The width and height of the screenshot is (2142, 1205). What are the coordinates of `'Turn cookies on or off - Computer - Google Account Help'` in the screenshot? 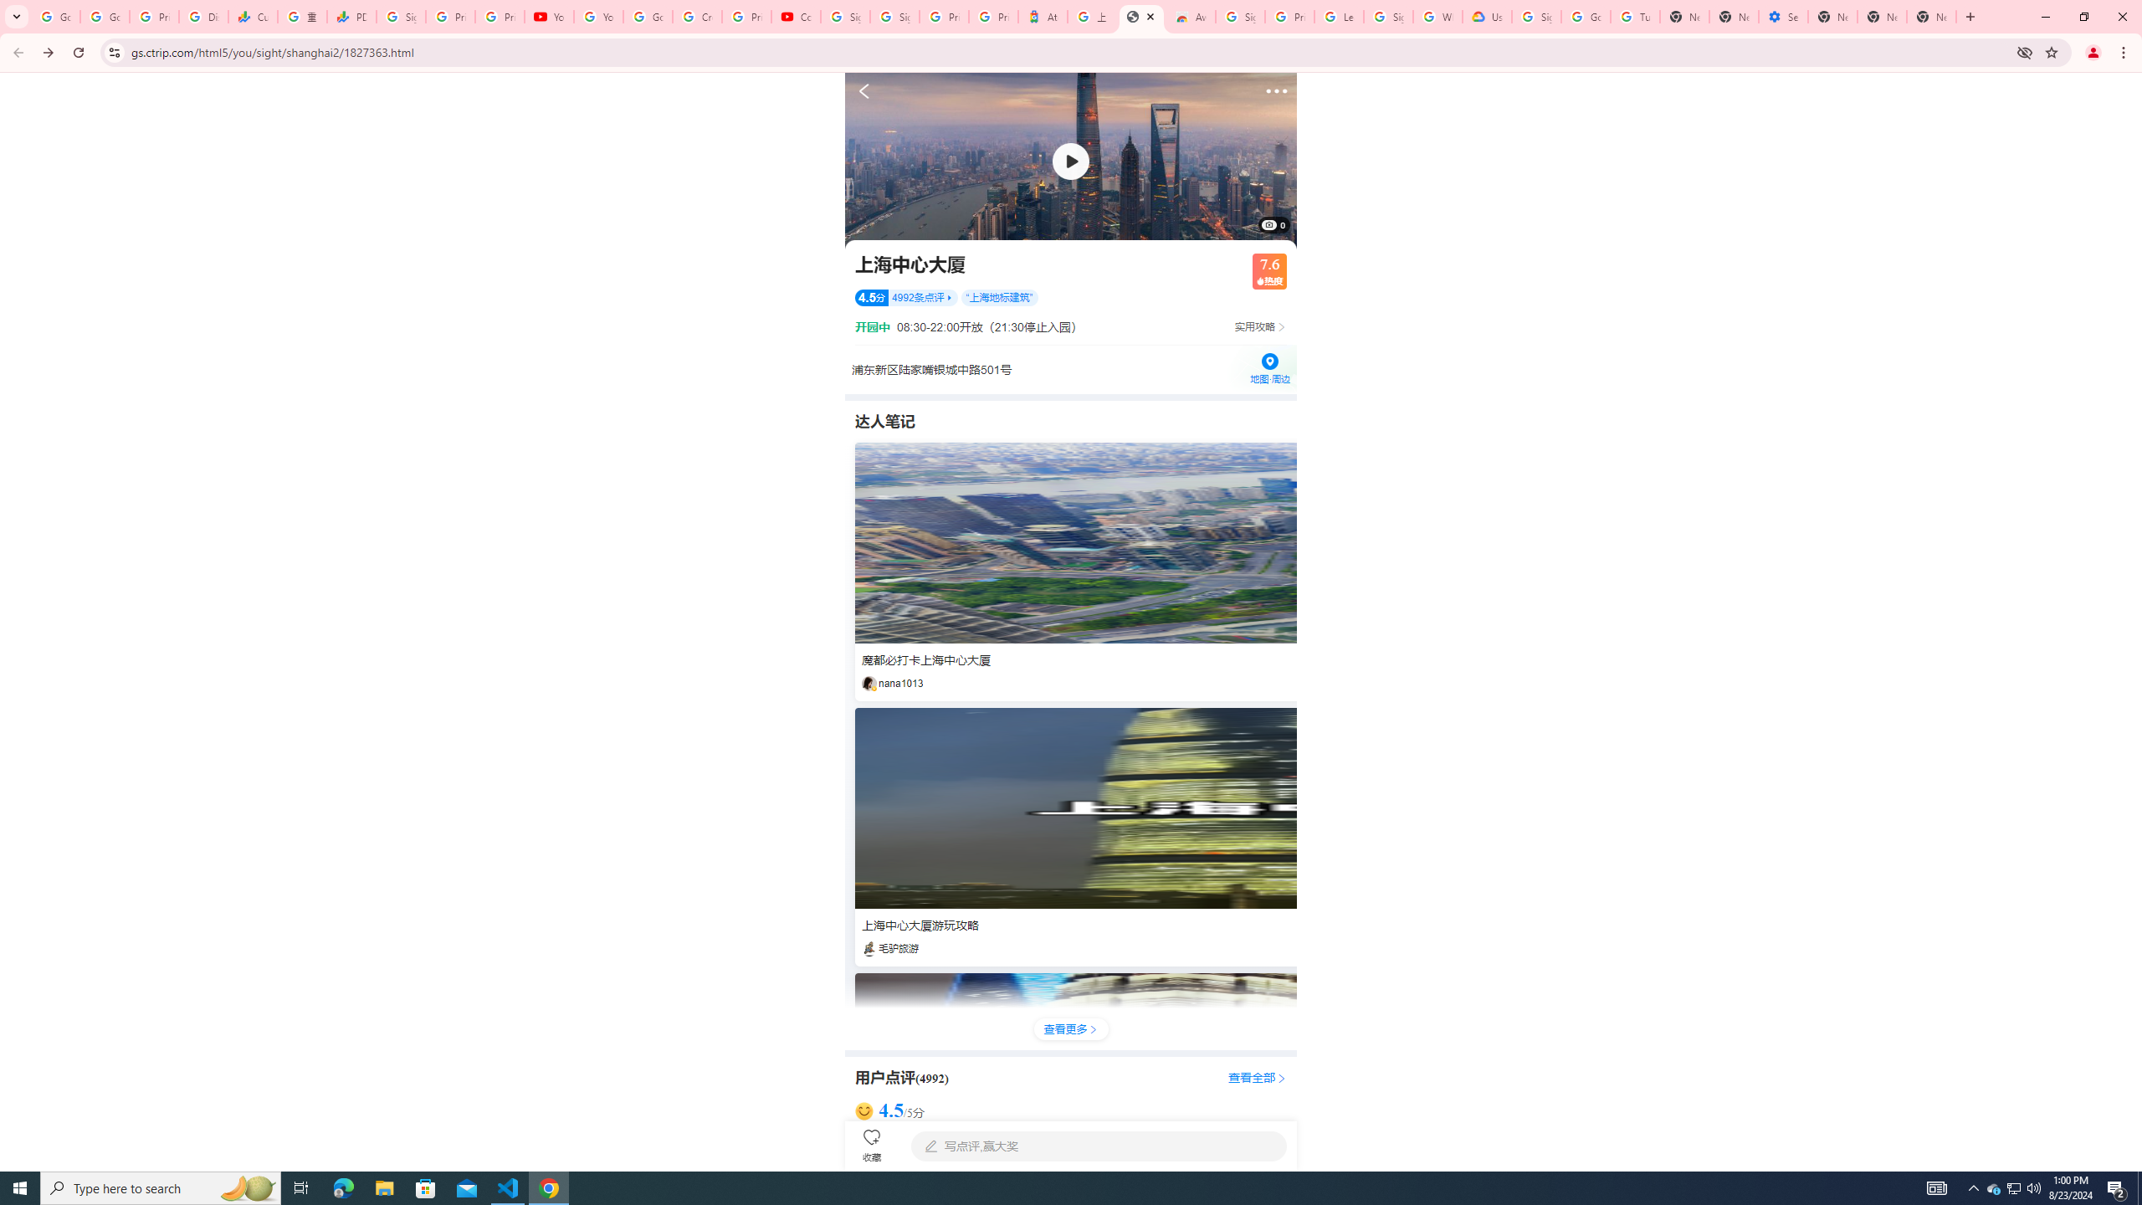 It's located at (1634, 16).